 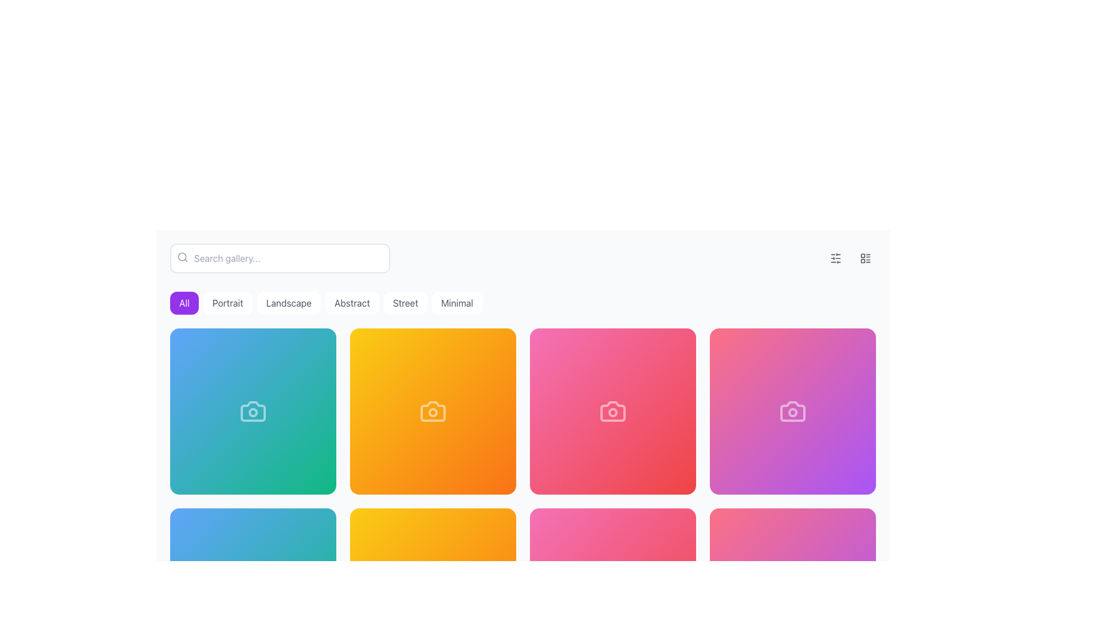 I want to click on the camera icon located in the center of the second pink tile in the second row of the grid layout, so click(x=612, y=410).